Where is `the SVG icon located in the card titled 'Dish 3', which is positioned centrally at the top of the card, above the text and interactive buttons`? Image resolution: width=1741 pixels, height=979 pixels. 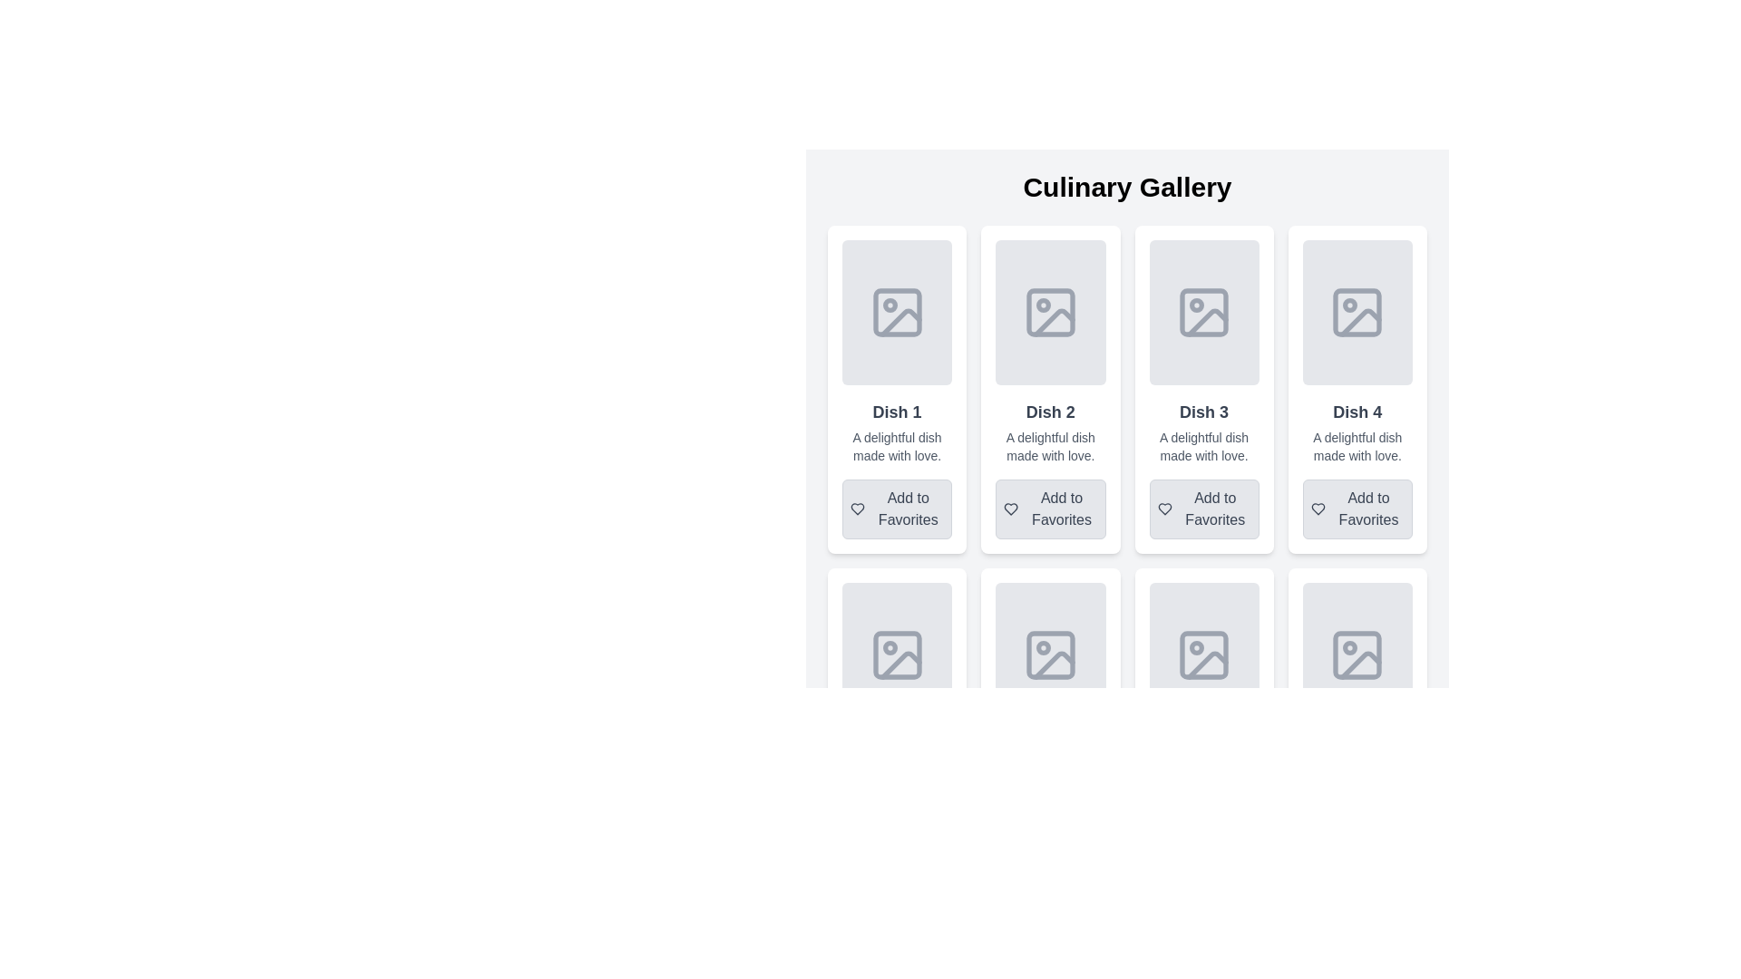
the SVG icon located in the card titled 'Dish 3', which is positioned centrally at the top of the card, above the text and interactive buttons is located at coordinates (1204, 311).